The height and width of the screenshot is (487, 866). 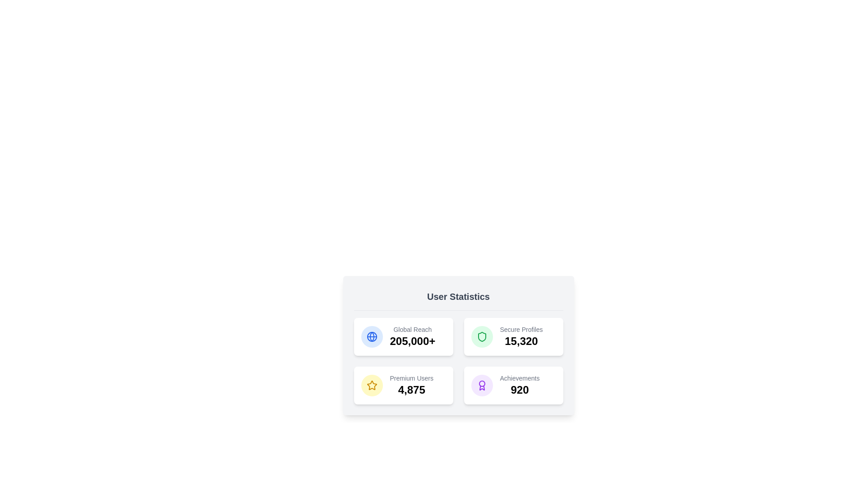 What do you see at coordinates (412, 330) in the screenshot?
I see `the descriptive text label located in the upper-left block of the grid layout, positioned directly above the numeric value '205,000+'` at bounding box center [412, 330].